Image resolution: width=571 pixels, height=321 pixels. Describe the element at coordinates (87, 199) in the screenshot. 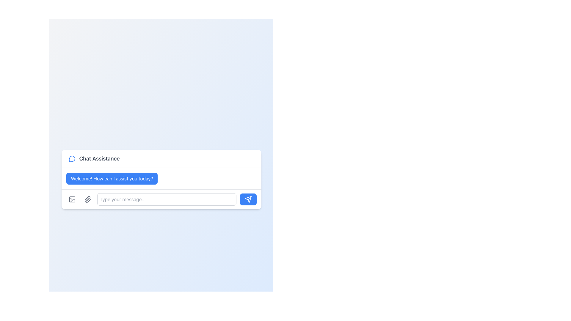

I see `the paperclip SVG icon located to the right of the image icon and above the text input field` at that location.